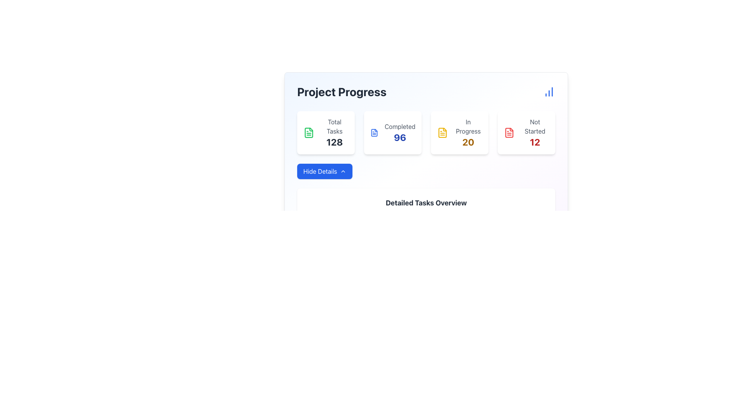  What do you see at coordinates (442, 132) in the screenshot?
I see `the bright yellow document icon with a line design located prominently to the left of the text '20' in the 'In Progress' section of the 'Project Progress' dashboard` at bounding box center [442, 132].